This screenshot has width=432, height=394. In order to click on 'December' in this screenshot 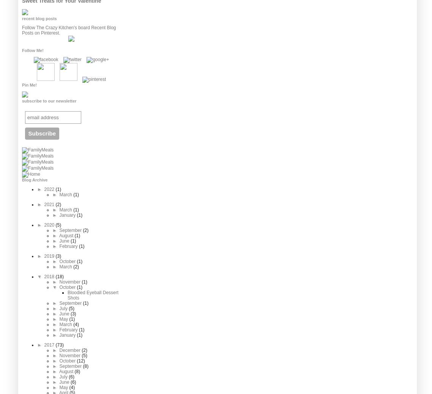, I will do `click(59, 350)`.